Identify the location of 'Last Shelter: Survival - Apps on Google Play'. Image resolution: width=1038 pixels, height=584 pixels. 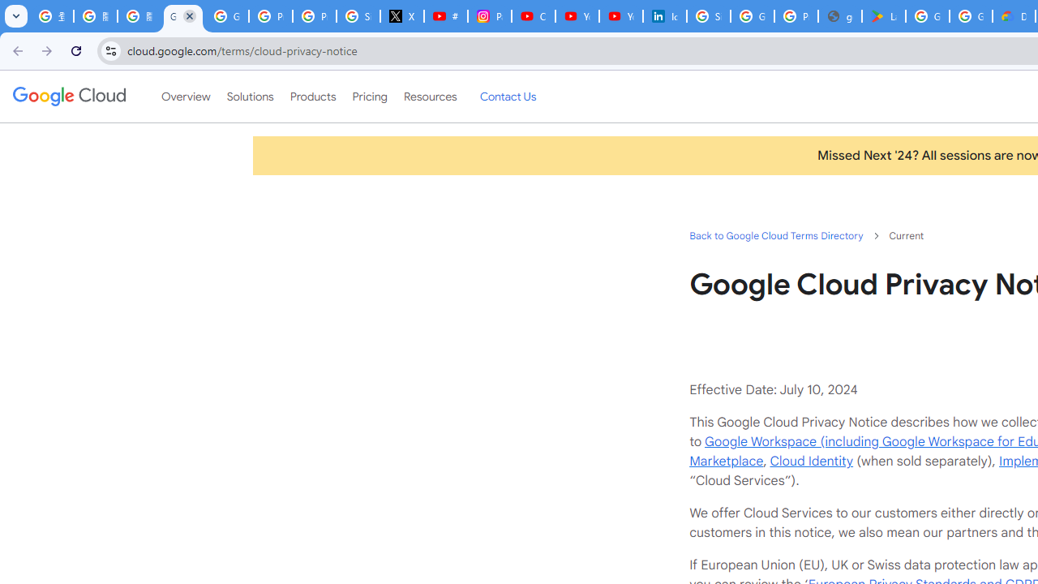
(882, 16).